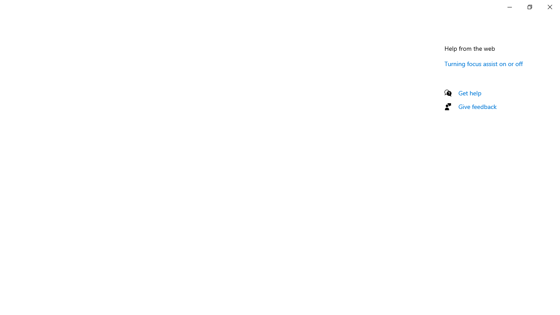  What do you see at coordinates (549, 7) in the screenshot?
I see `'Close Settings'` at bounding box center [549, 7].